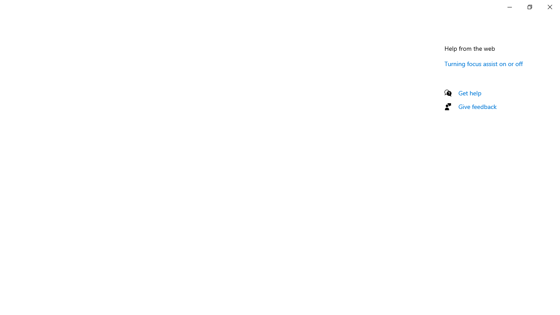  What do you see at coordinates (549, 7) in the screenshot?
I see `'Close Settings'` at bounding box center [549, 7].